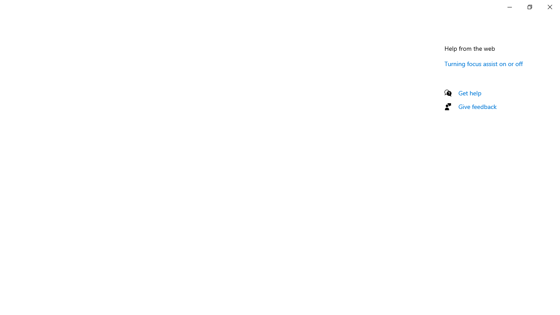  What do you see at coordinates (549, 7) in the screenshot?
I see `'Close Settings'` at bounding box center [549, 7].